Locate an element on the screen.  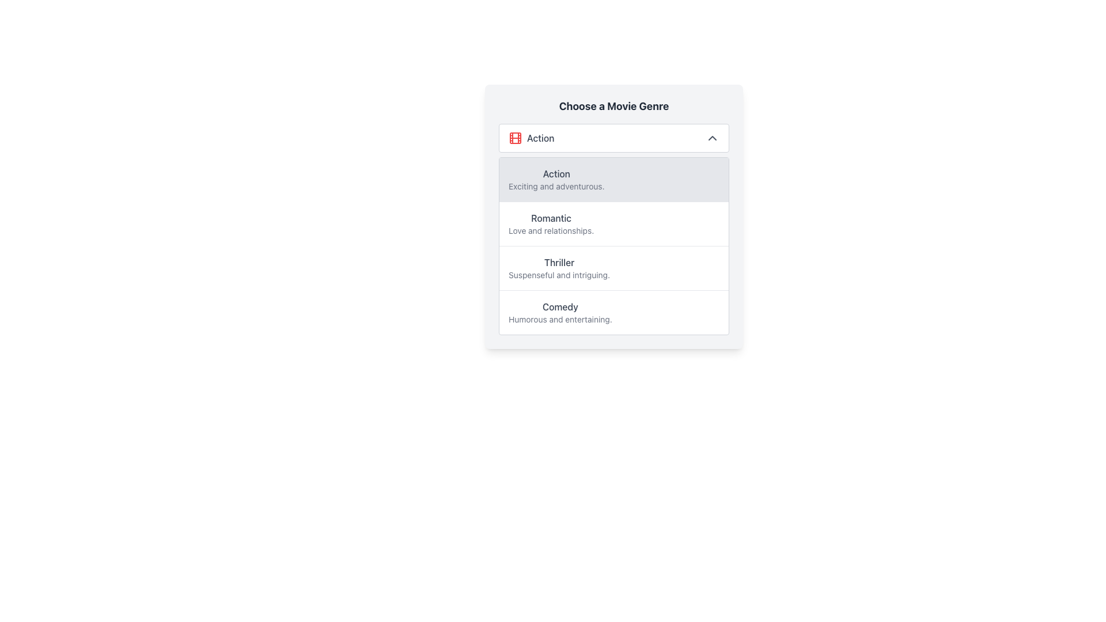
the static text label displaying 'Love and relationships.' which is located under the 'Romantic' genre heading in the movie genres list is located at coordinates (551, 231).